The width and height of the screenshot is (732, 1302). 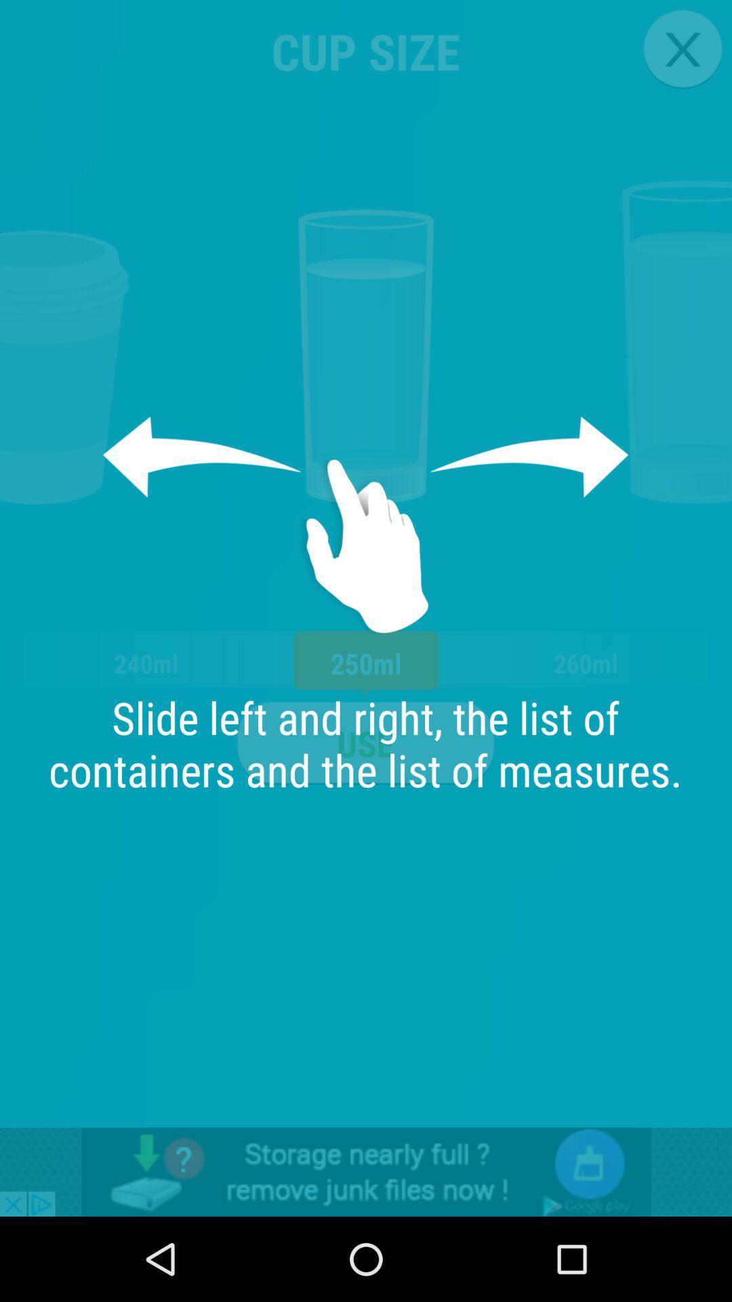 What do you see at coordinates (683, 49) in the screenshot?
I see `app next to the cup size app` at bounding box center [683, 49].